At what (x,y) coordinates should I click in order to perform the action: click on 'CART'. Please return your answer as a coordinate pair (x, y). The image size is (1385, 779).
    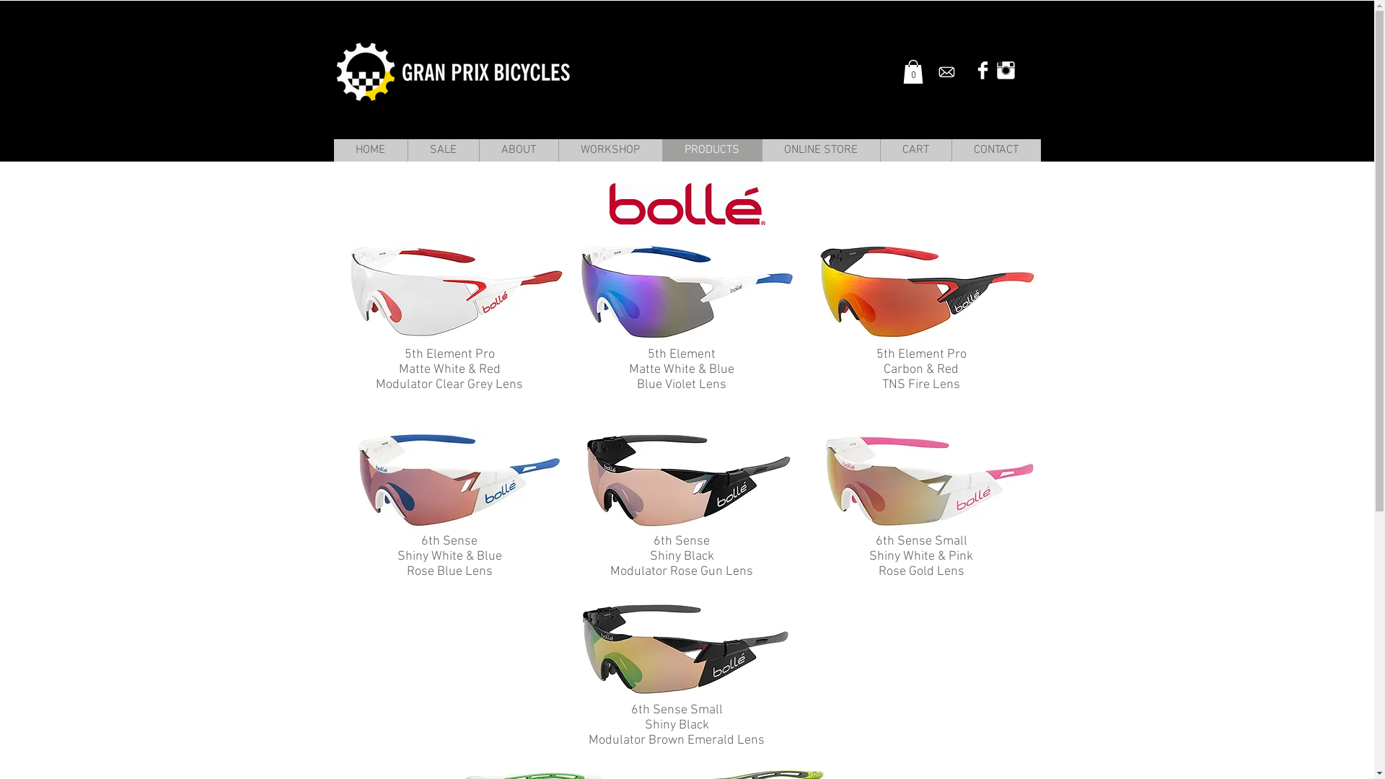
    Looking at the image, I should click on (879, 150).